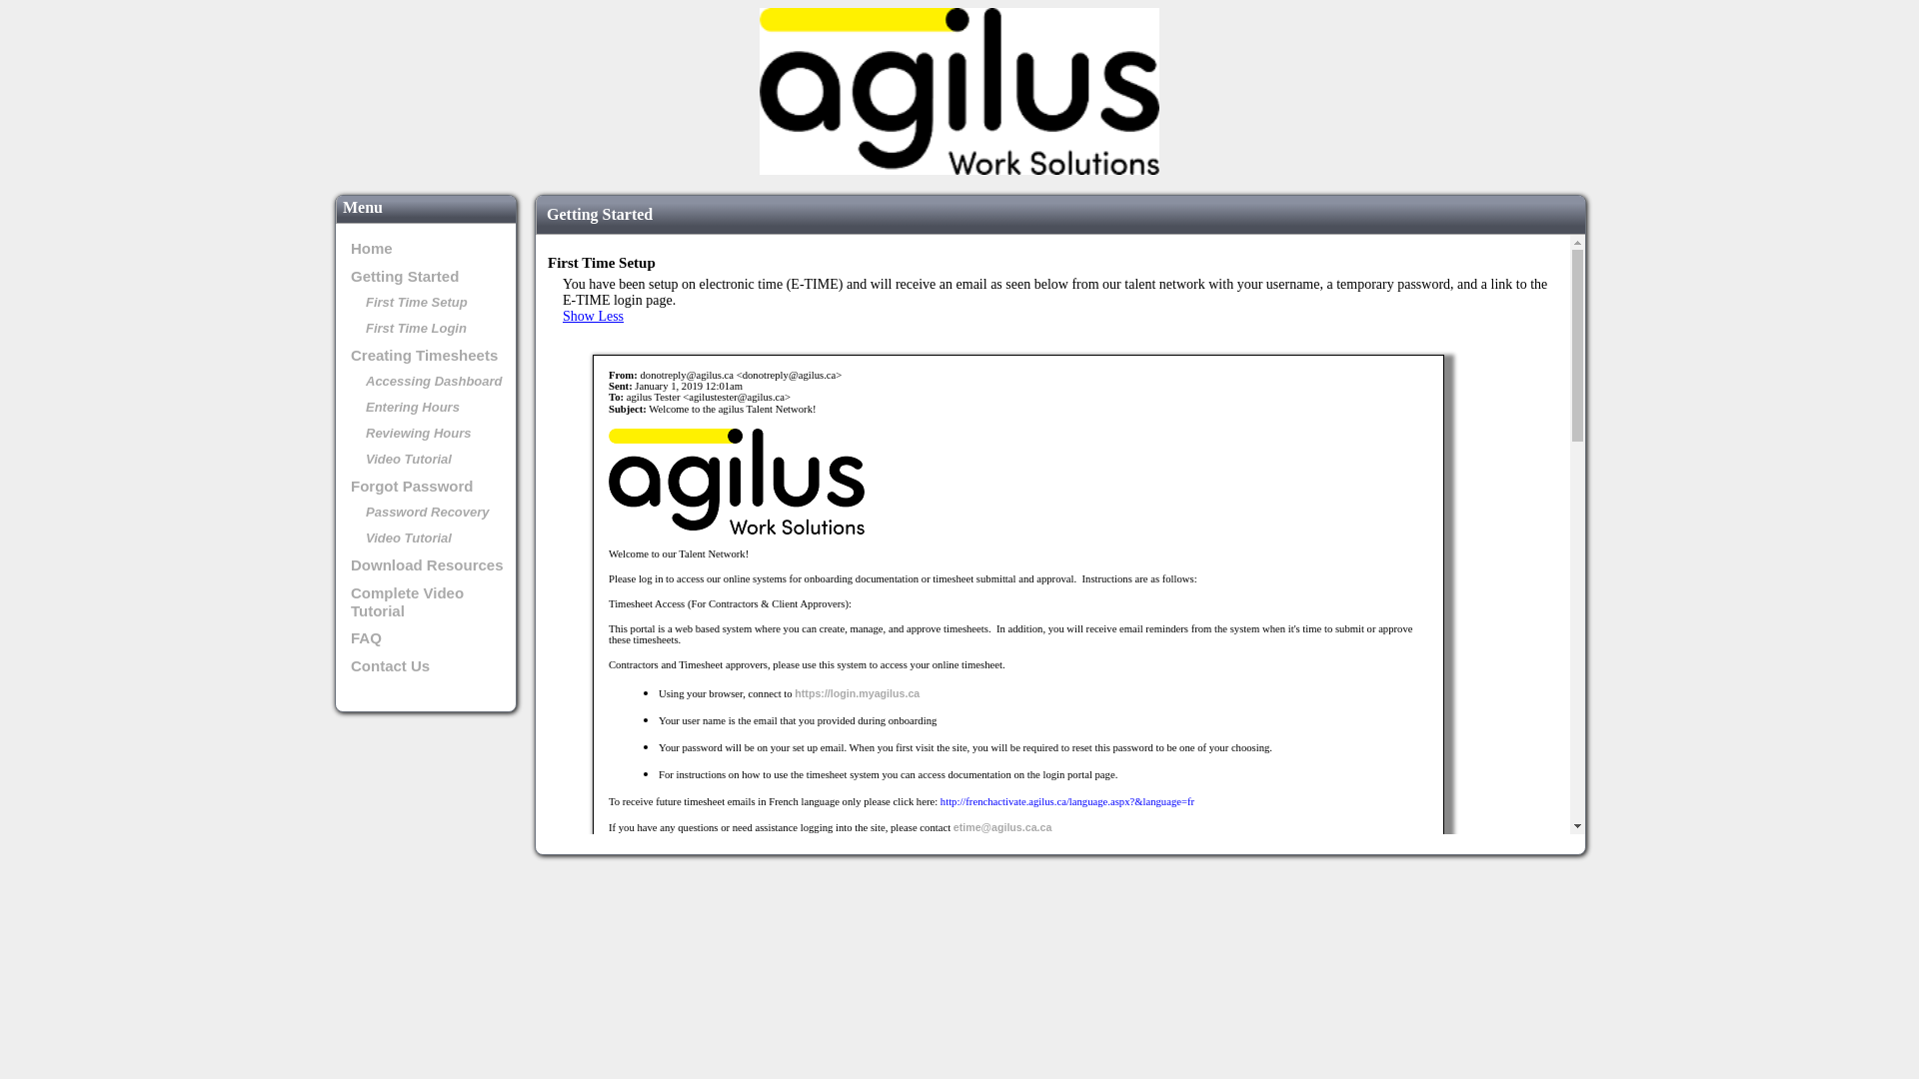 The height and width of the screenshot is (1079, 1919). What do you see at coordinates (426, 511) in the screenshot?
I see `'Password Recovery'` at bounding box center [426, 511].